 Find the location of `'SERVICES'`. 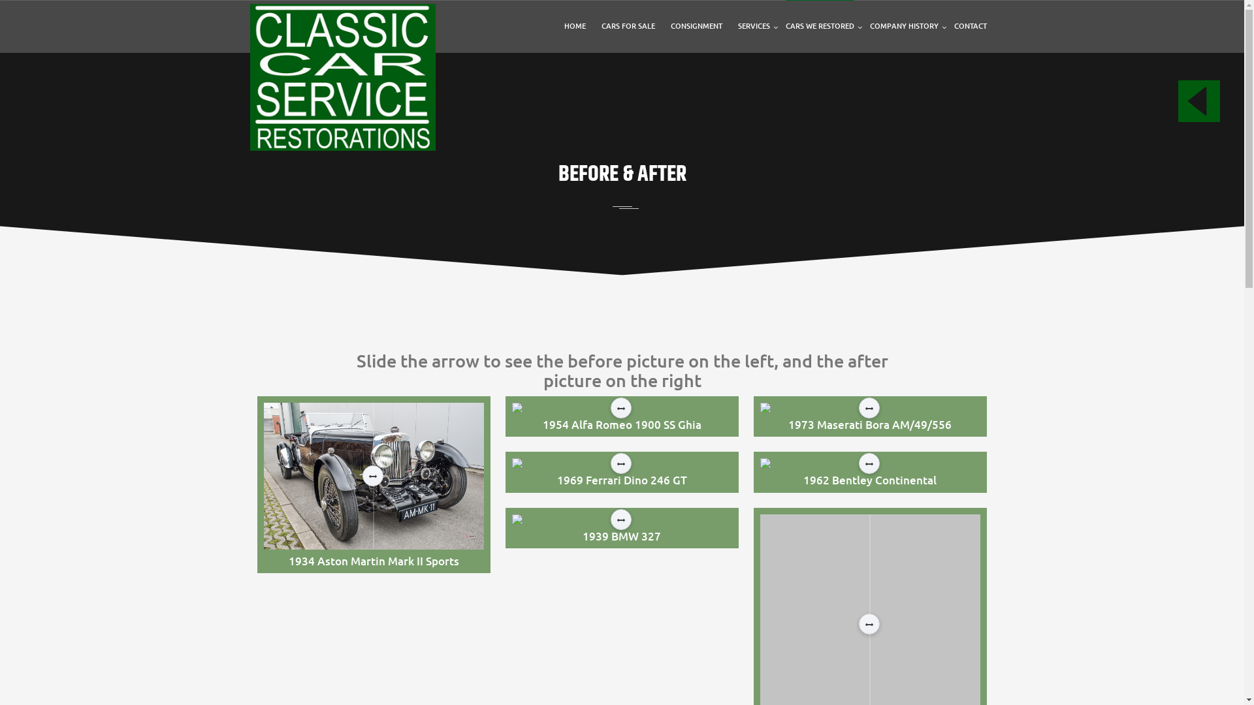

'SERVICES' is located at coordinates (754, 25).